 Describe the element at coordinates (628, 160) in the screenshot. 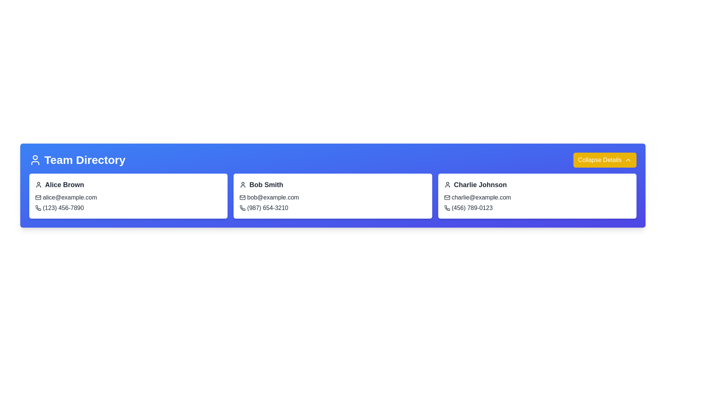

I see `the downward-pointing chevron icon located on the right side of the yellow rectangular button labeled 'Collapse Details'` at that location.